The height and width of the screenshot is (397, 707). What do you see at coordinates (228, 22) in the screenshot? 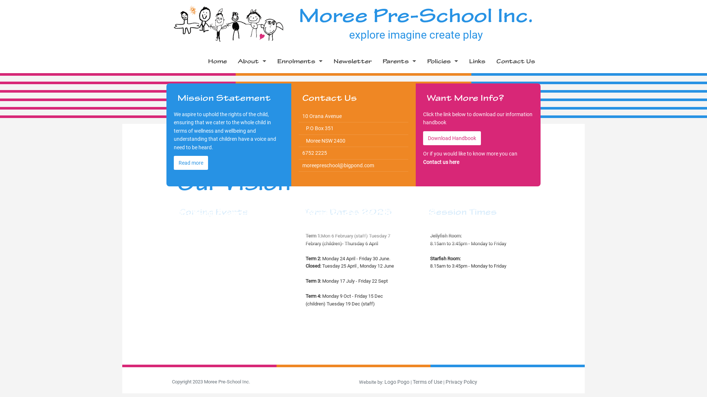
I see `'Moree Preschool'` at bounding box center [228, 22].